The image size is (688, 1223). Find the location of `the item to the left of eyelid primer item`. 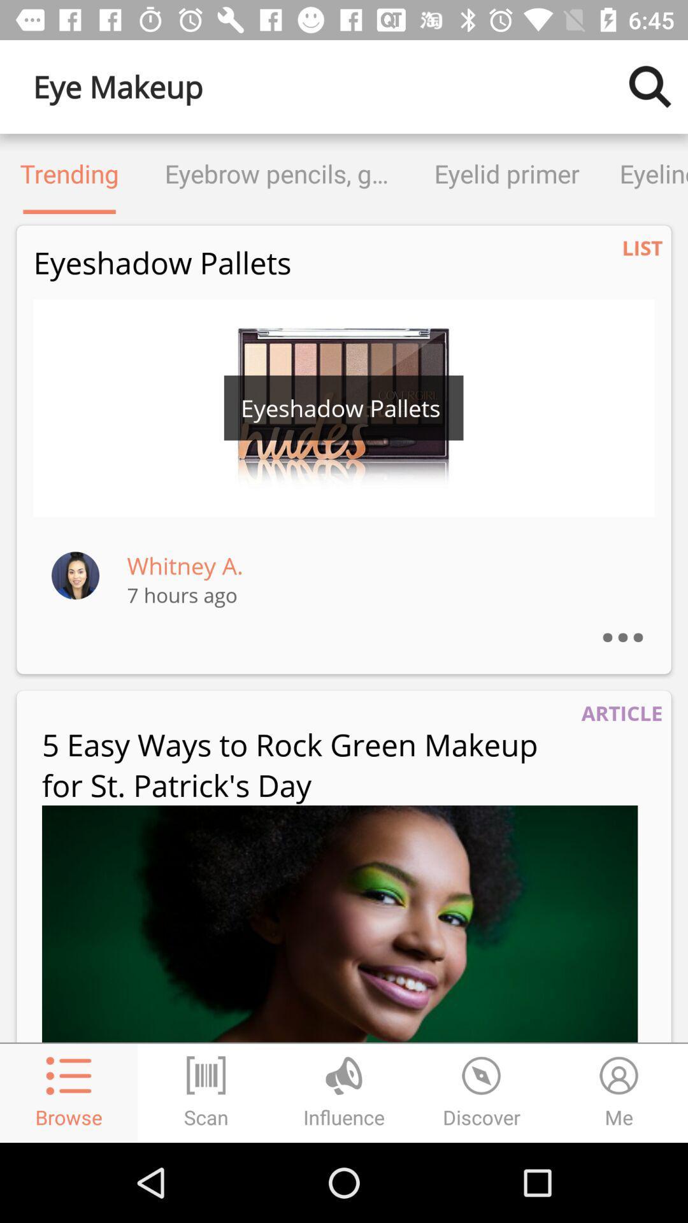

the item to the left of eyelid primer item is located at coordinates (276, 173).